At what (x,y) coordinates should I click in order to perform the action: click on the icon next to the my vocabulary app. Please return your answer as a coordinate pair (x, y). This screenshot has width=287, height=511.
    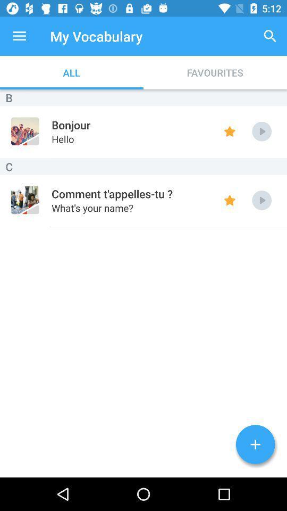
    Looking at the image, I should click on (19, 36).